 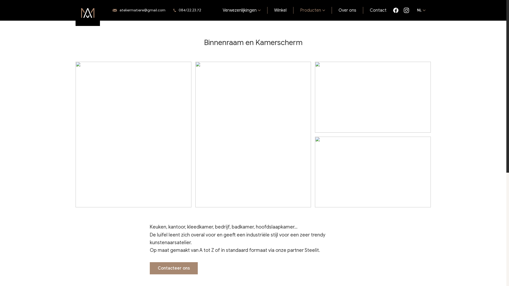 I want to click on 'Contact', so click(x=378, y=10).